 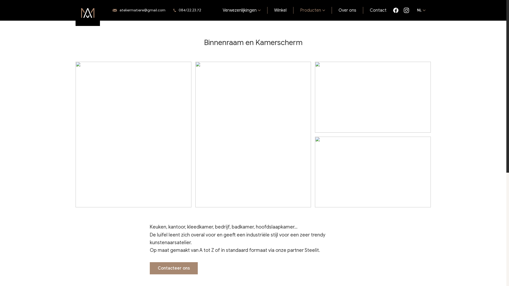 I want to click on 'Contact', so click(x=378, y=10).